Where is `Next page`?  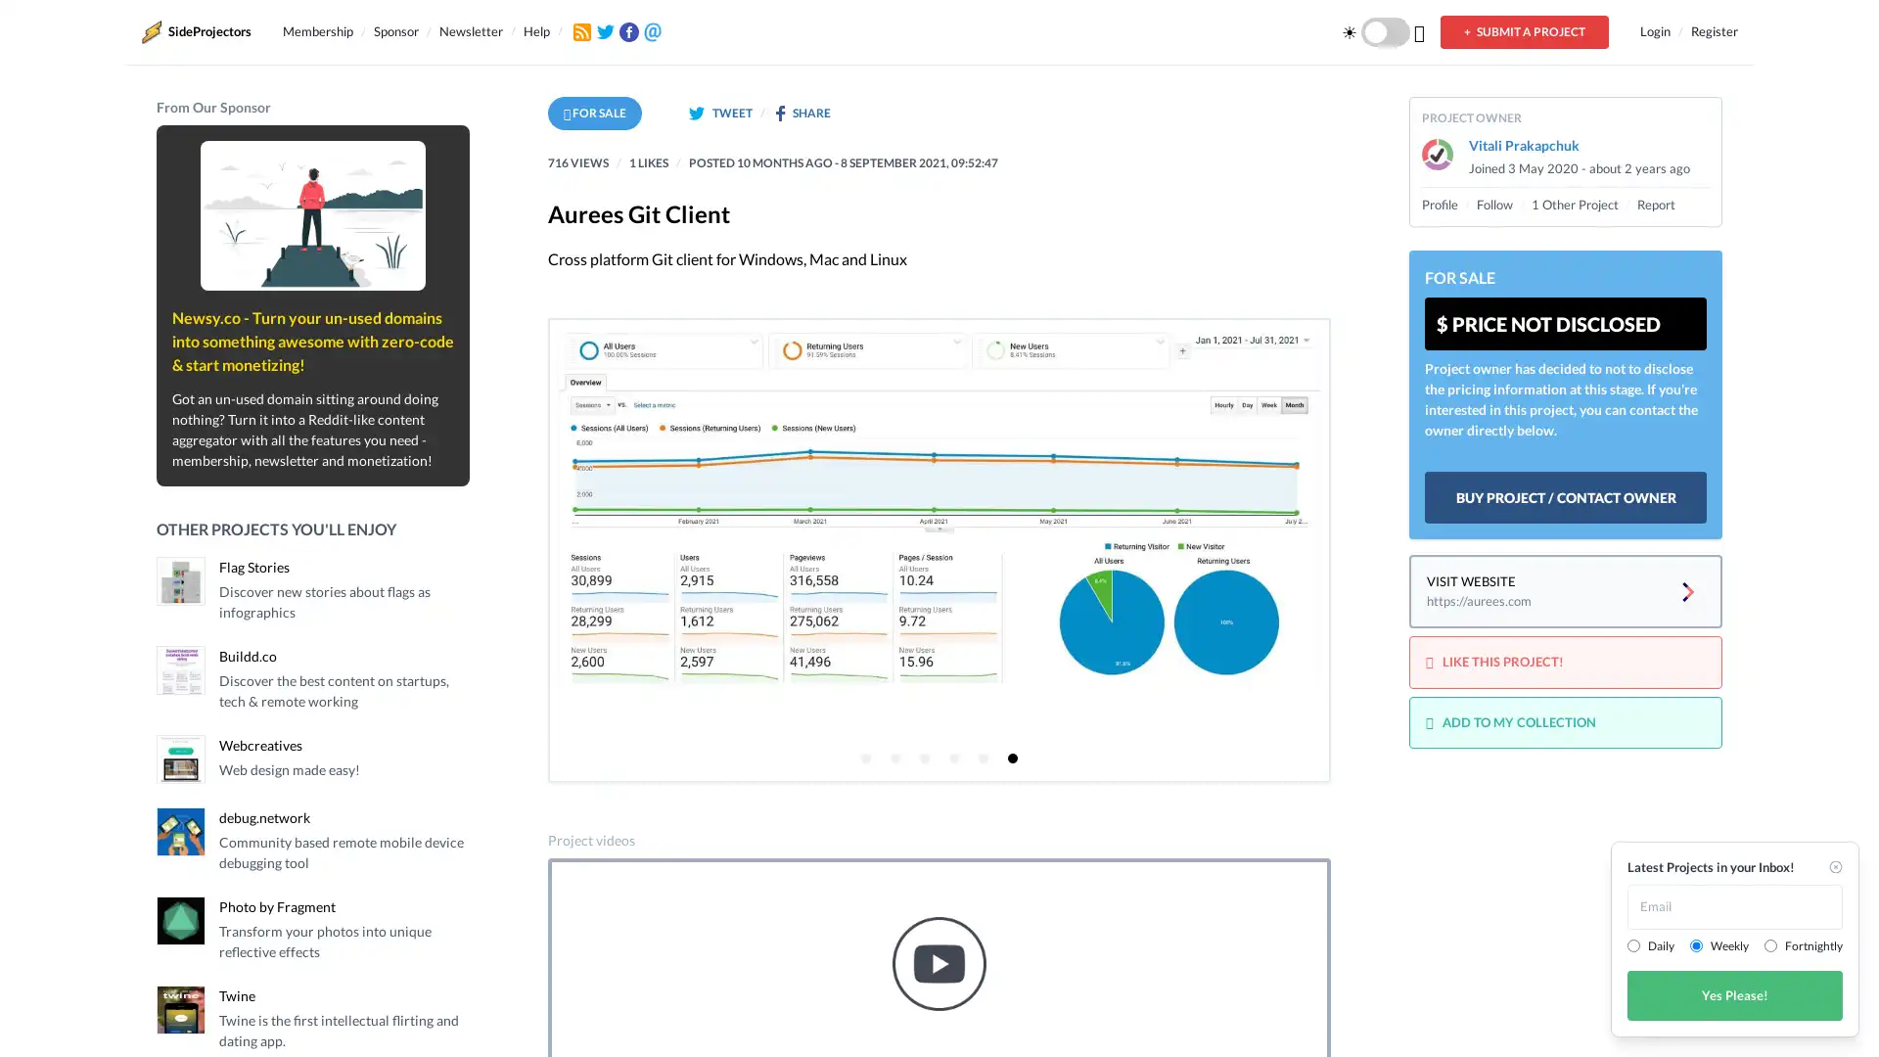 Next page is located at coordinates (1329, 550).